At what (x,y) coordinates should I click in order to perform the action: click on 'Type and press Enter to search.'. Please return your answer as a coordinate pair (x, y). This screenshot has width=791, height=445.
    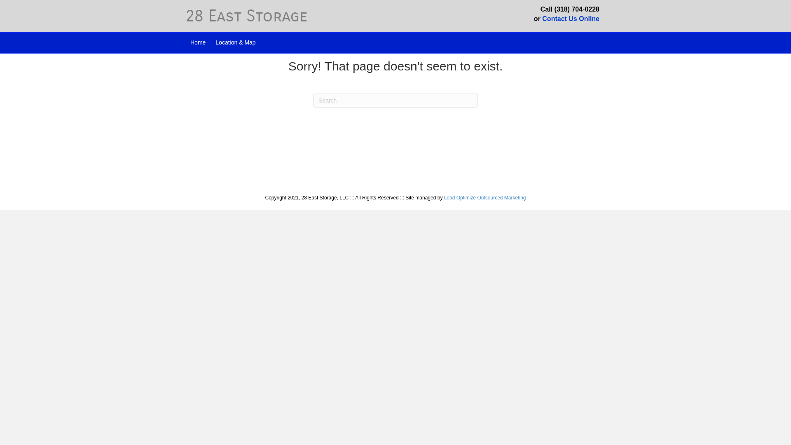
    Looking at the image, I should click on (395, 100).